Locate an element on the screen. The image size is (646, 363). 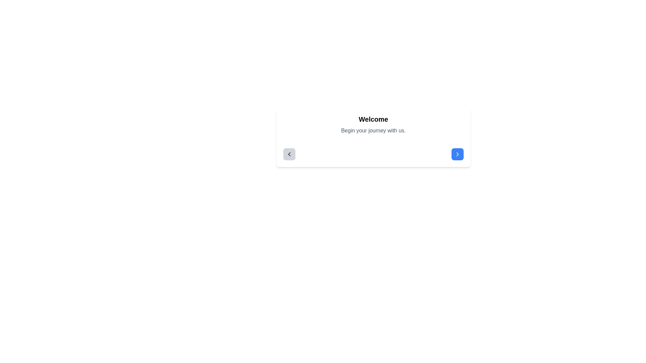
the welcoming header text label that serves as a title for the displayed content, positioned centrally at the top of the vertical layout is located at coordinates (373, 119).